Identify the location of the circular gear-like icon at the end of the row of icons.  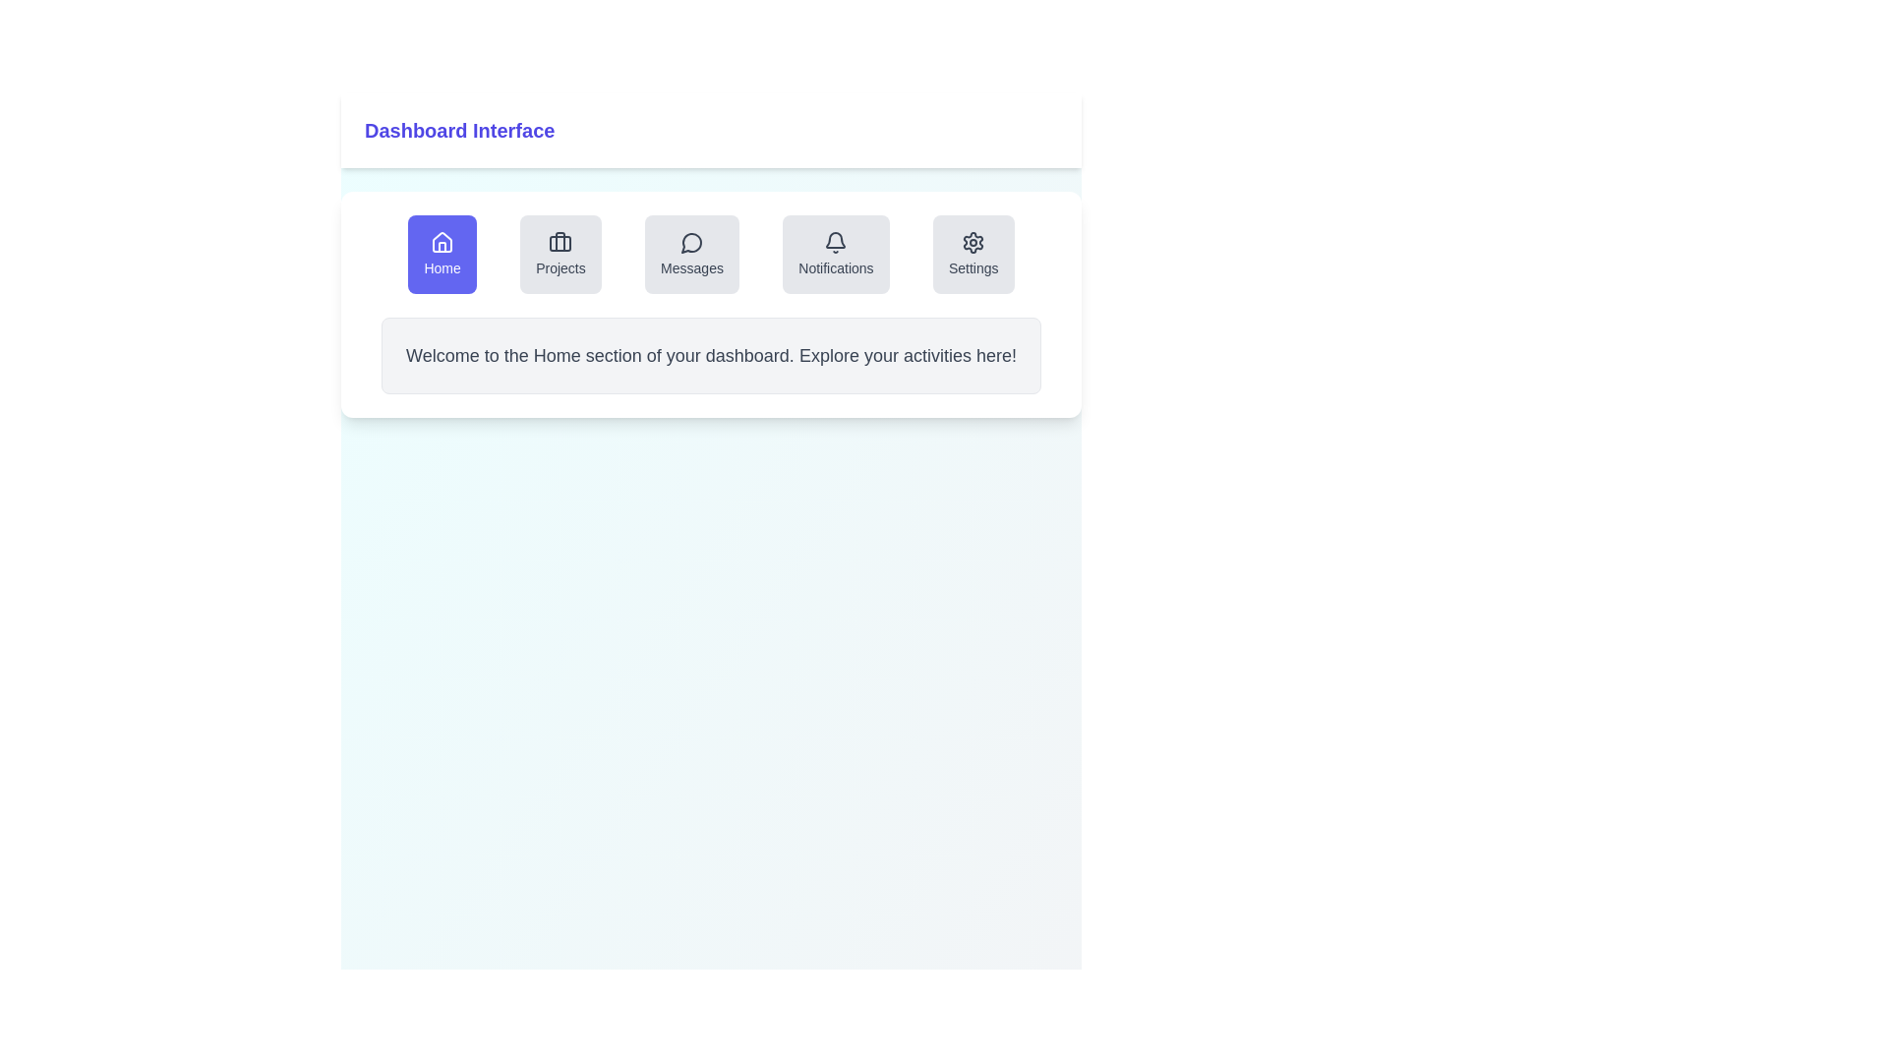
(973, 241).